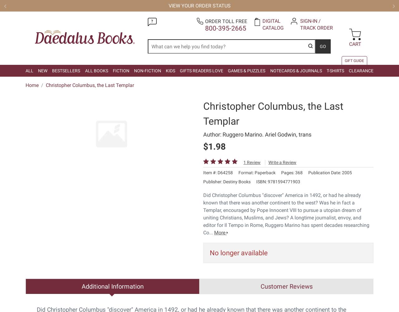 Image resolution: width=399 pixels, height=312 pixels. Describe the element at coordinates (48, 103) in the screenshot. I see `'Your Privacy Choices'` at that location.